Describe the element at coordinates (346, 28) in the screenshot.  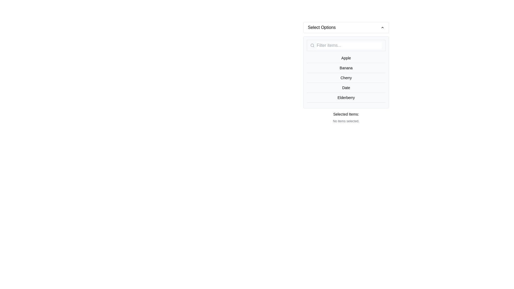
I see `the dropdown menu labeled 'Select Options' for accessibility navigation by moving the cursor to its center point` at that location.